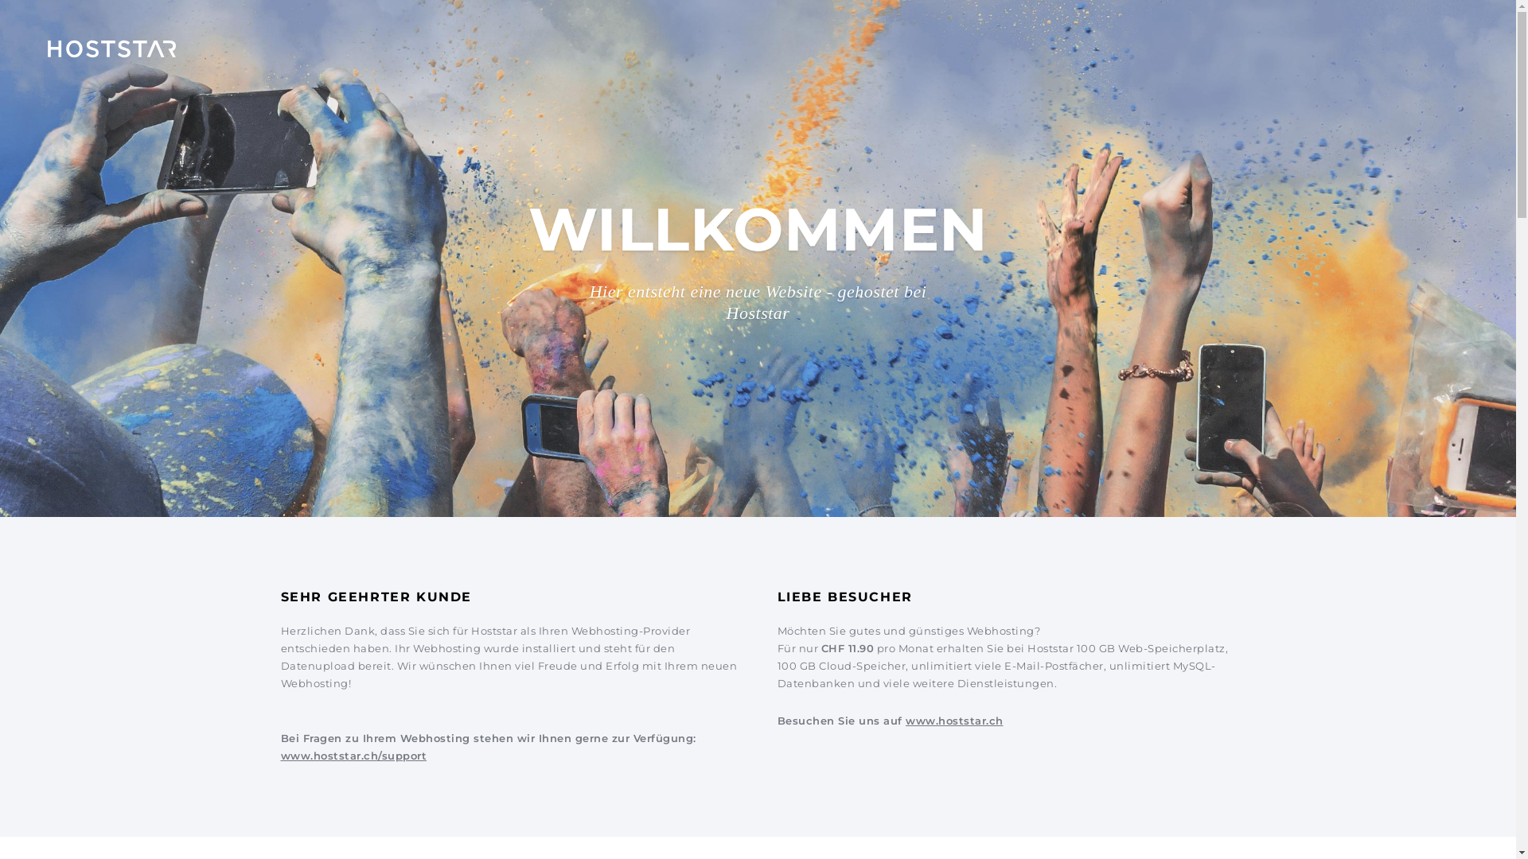  What do you see at coordinates (353, 754) in the screenshot?
I see `'www.hoststar.ch/support'` at bounding box center [353, 754].